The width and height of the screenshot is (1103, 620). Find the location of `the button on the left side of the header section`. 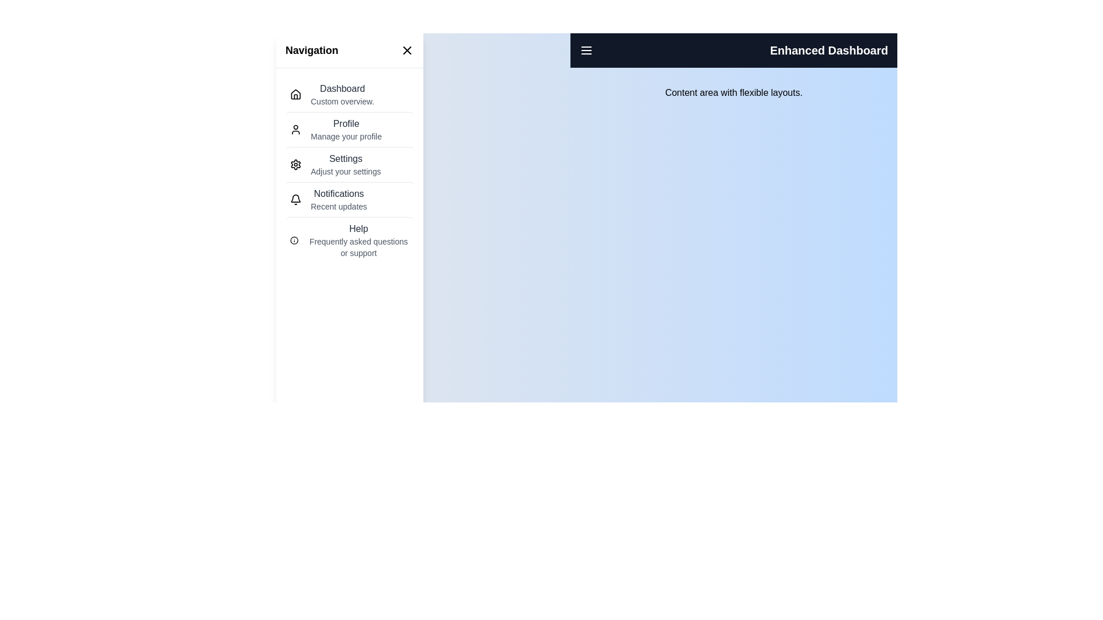

the button on the left side of the header section is located at coordinates (587, 50).